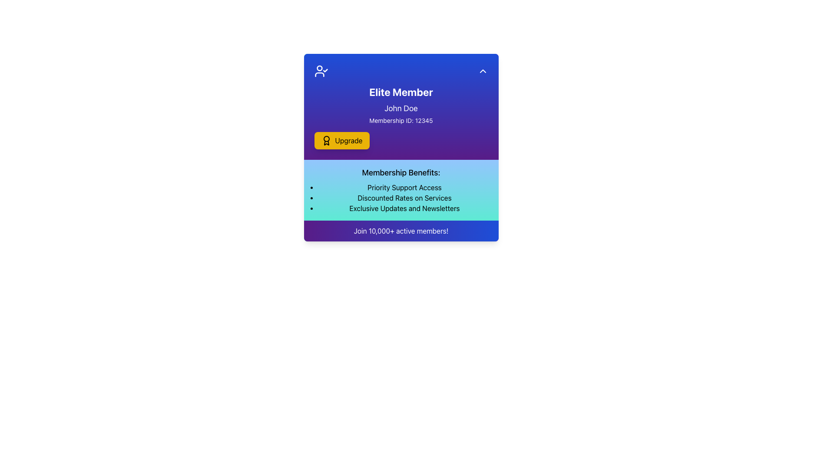  I want to click on the chevron-up button with a thin white outline on a deep blue background in the top-right corner of the membership card layout, so click(482, 71).